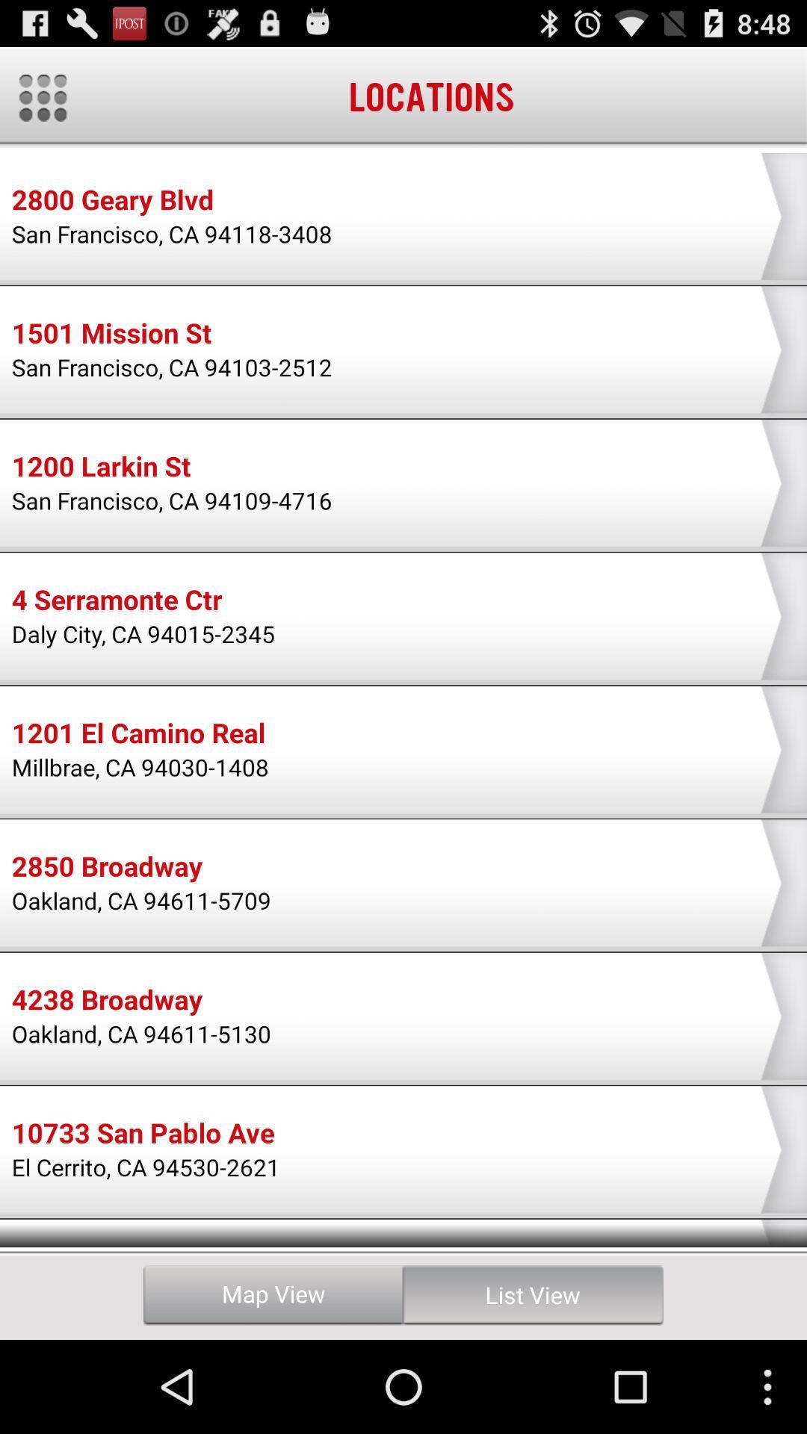 Image resolution: width=807 pixels, height=1434 pixels. What do you see at coordinates (143, 633) in the screenshot?
I see `app below the 4 serramonte ctr icon` at bounding box center [143, 633].